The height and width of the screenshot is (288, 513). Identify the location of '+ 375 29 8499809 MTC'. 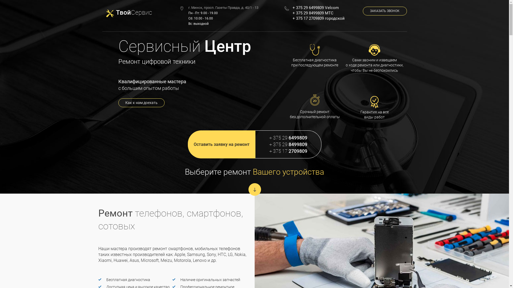
(292, 13).